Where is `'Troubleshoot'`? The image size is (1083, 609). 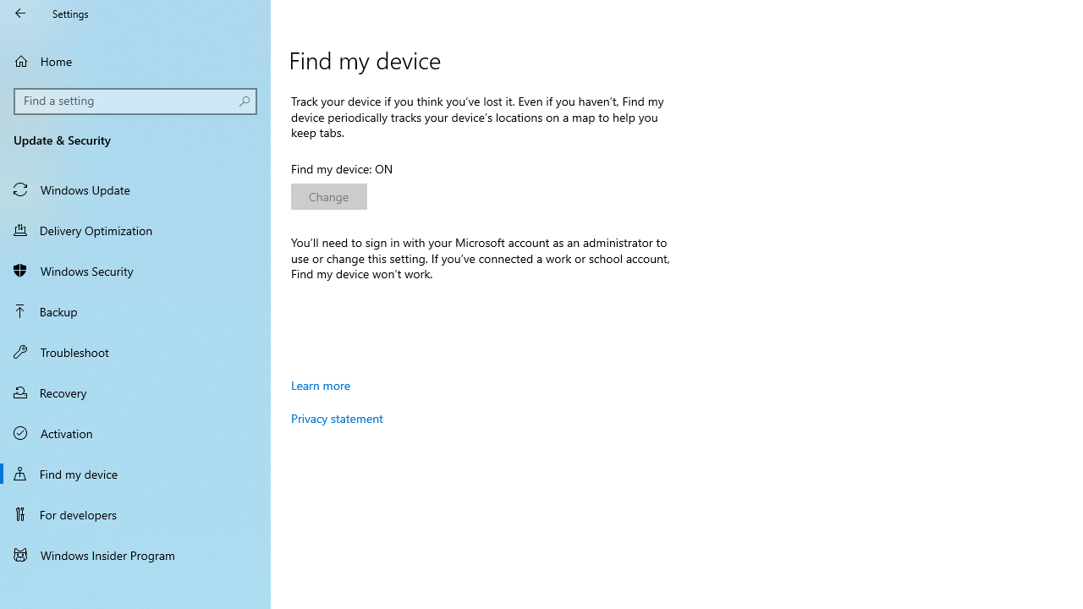 'Troubleshoot' is located at coordinates (135, 350).